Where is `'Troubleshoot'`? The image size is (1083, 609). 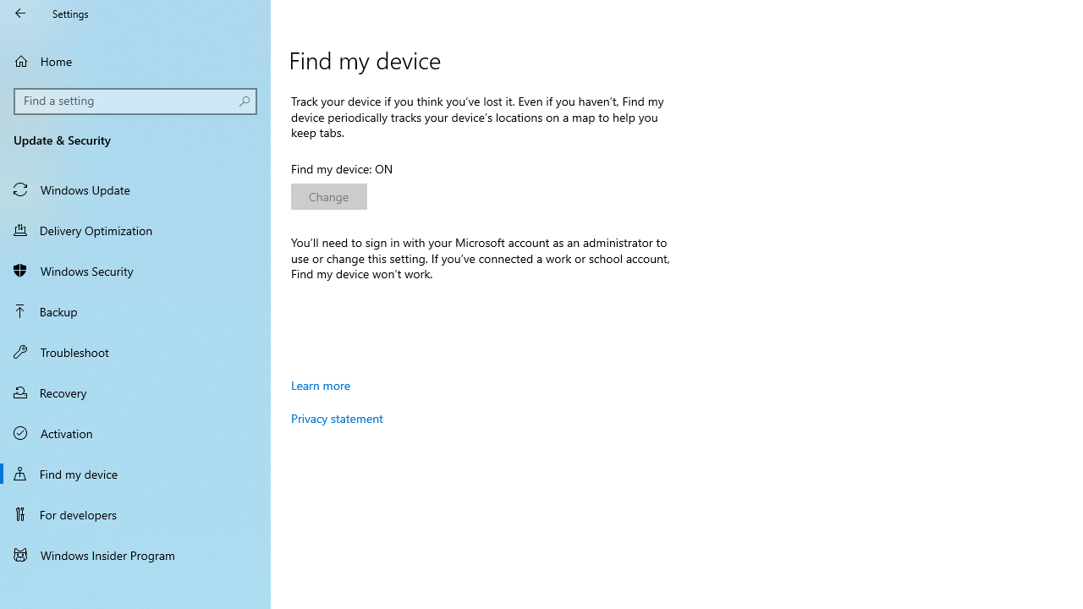 'Troubleshoot' is located at coordinates (135, 350).